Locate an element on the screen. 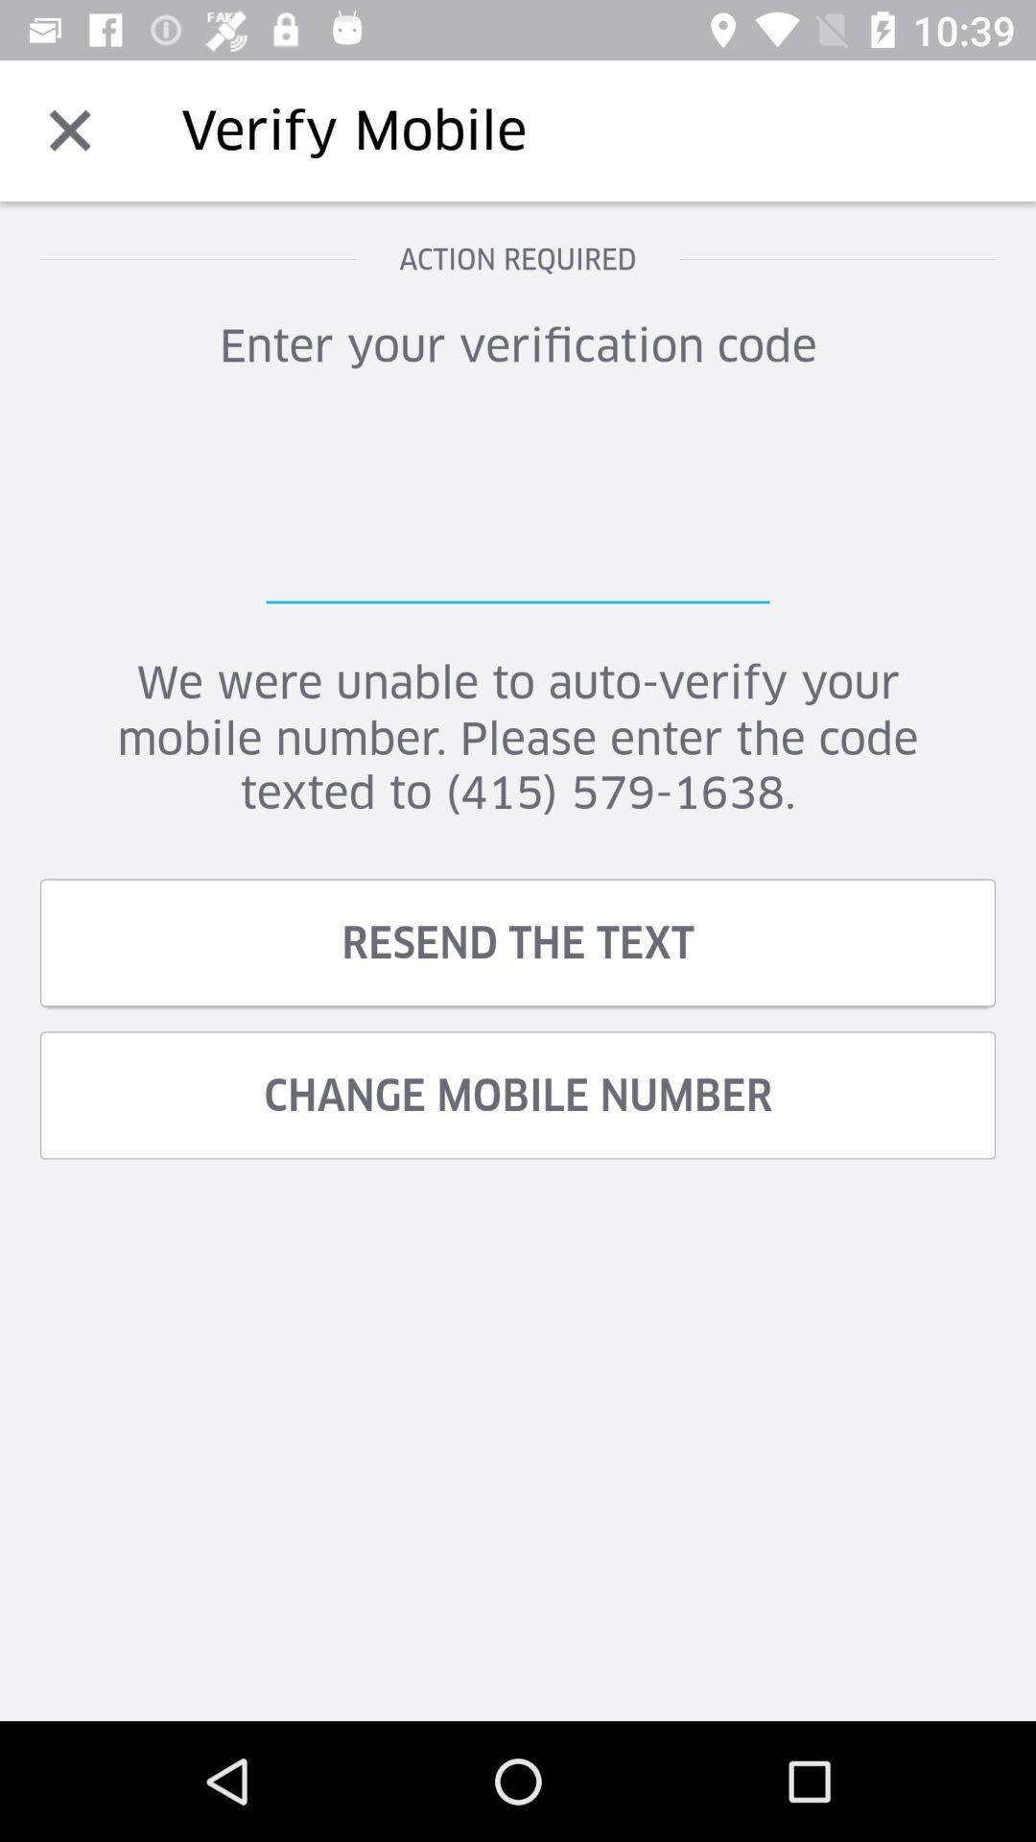  resend the text item is located at coordinates (518, 942).